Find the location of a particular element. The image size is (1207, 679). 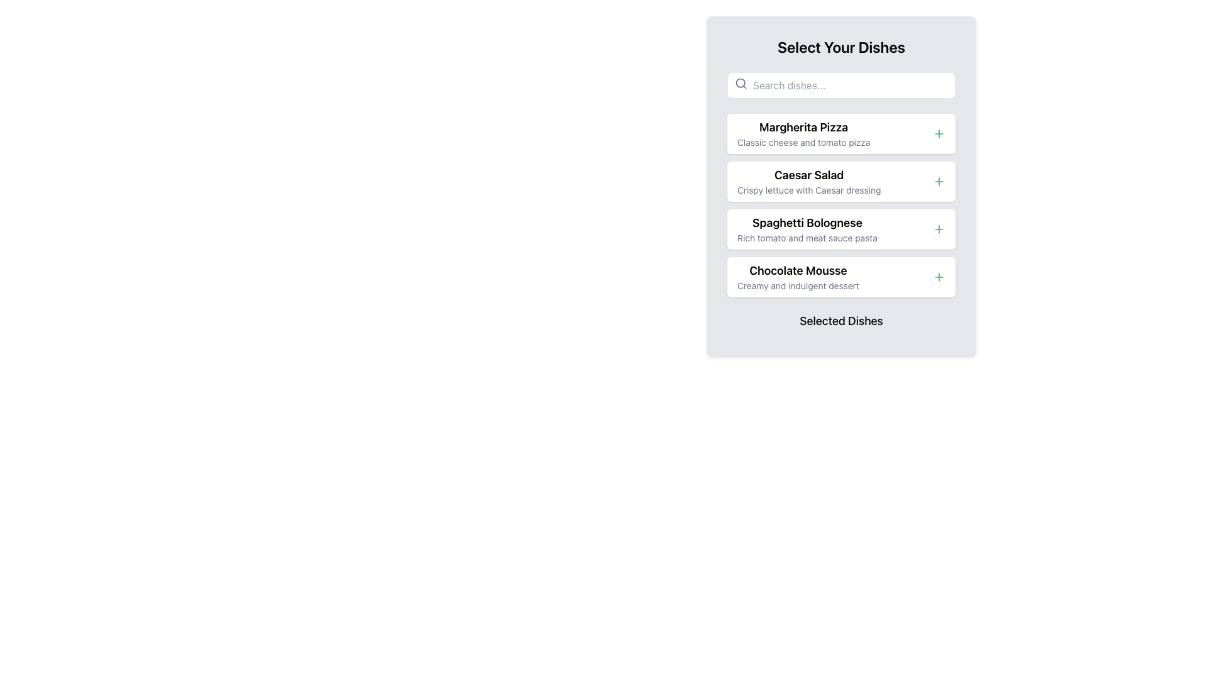

the title text for the dish 'Spaghetti Bolognese', which is centrally aligned at the top of the card and serves as the identifier for the dish in the menu is located at coordinates (807, 222).